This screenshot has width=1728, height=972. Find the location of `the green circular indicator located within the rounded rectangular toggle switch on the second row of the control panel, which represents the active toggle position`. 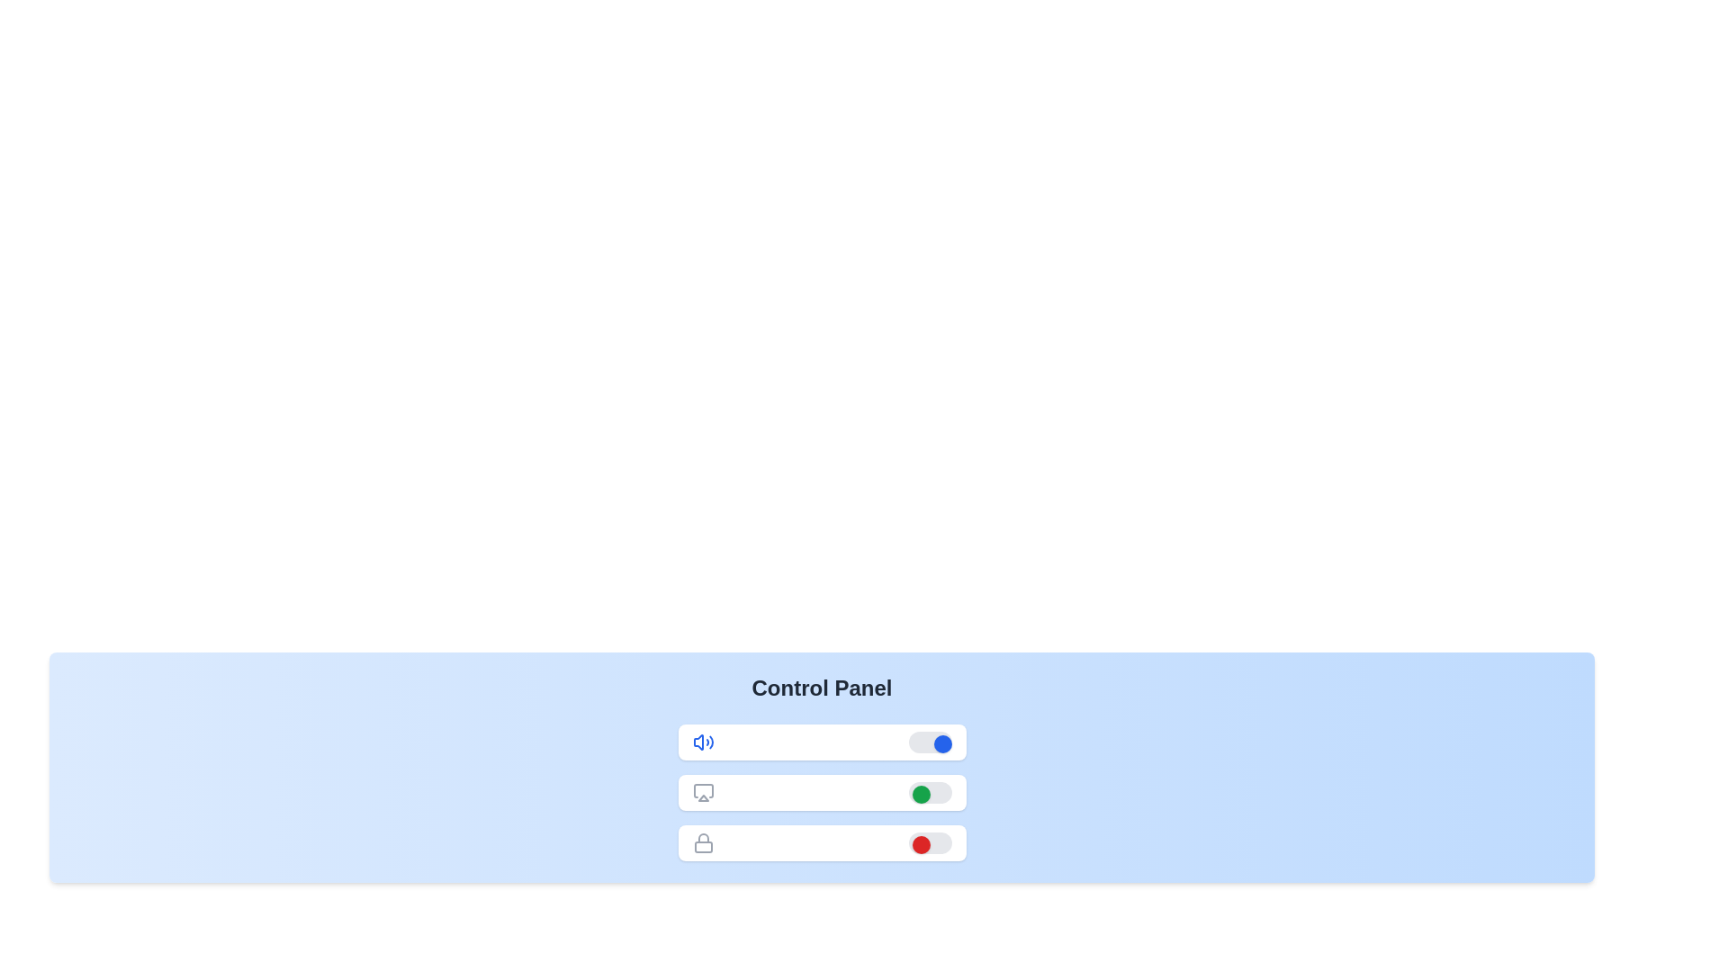

the green circular indicator located within the rounded rectangular toggle switch on the second row of the control panel, which represents the active toggle position is located at coordinates (921, 794).